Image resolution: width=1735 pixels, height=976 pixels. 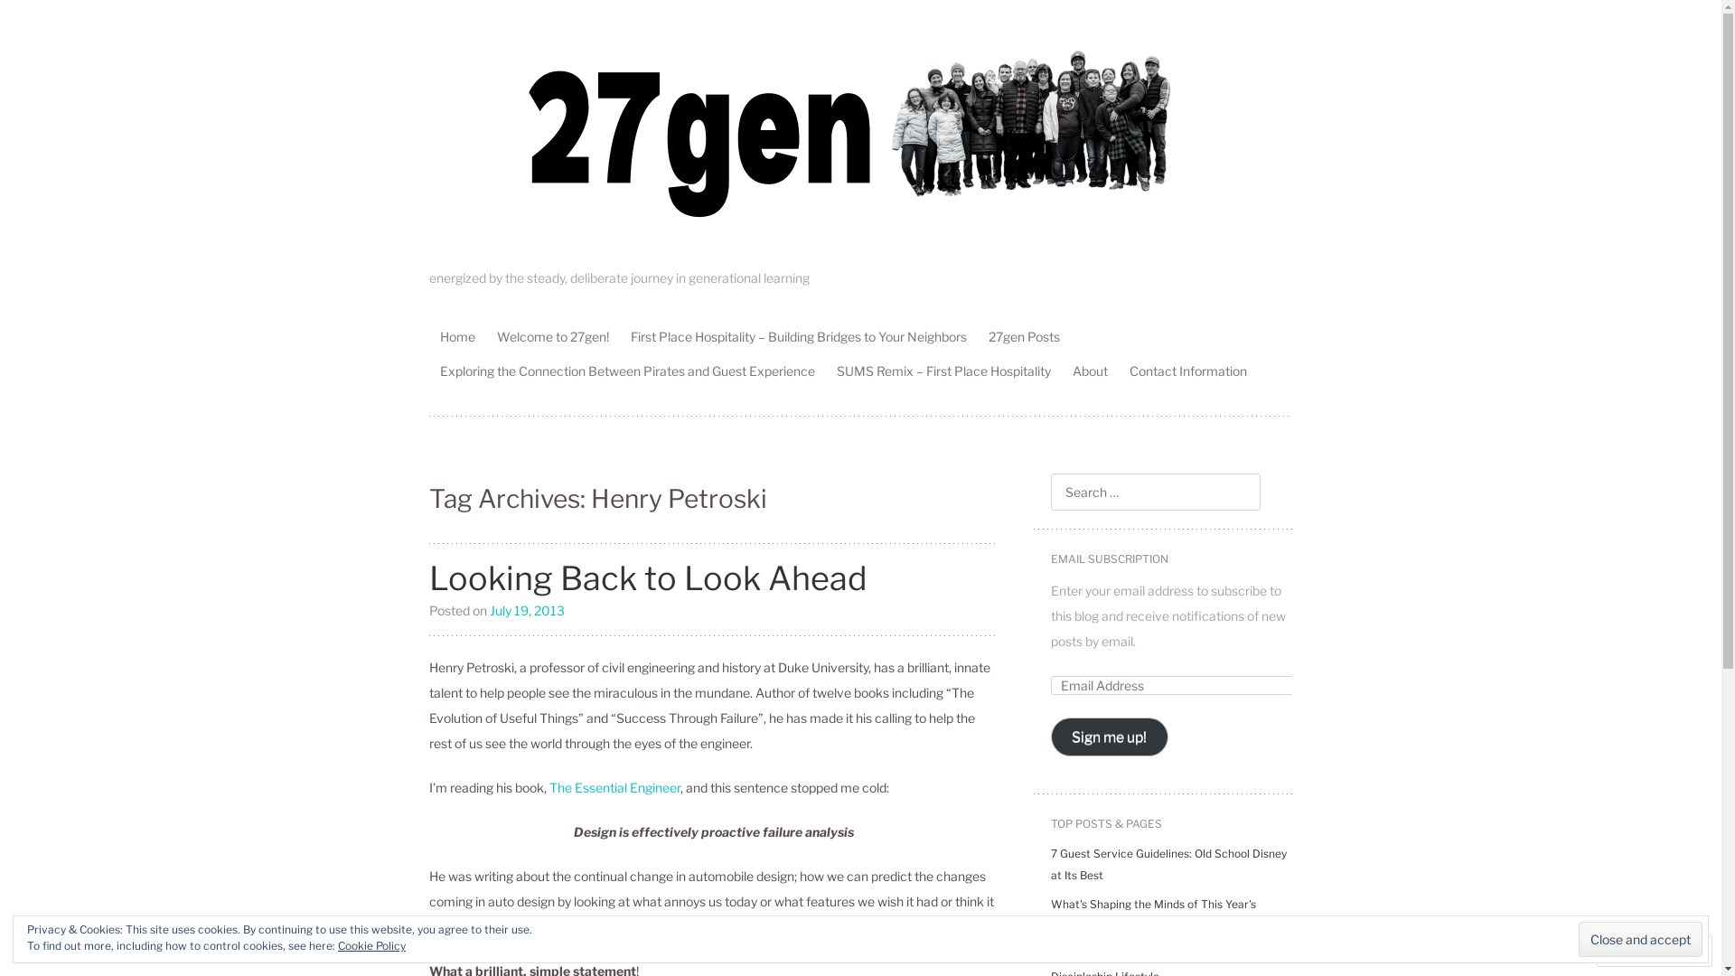 What do you see at coordinates (648, 578) in the screenshot?
I see `'Looking Back to Look Ahead'` at bounding box center [648, 578].